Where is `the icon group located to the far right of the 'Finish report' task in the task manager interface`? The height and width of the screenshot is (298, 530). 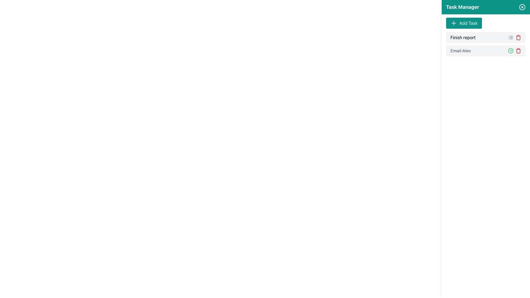
the icon group located to the far right of the 'Finish report' task in the task manager interface is located at coordinates (514, 37).